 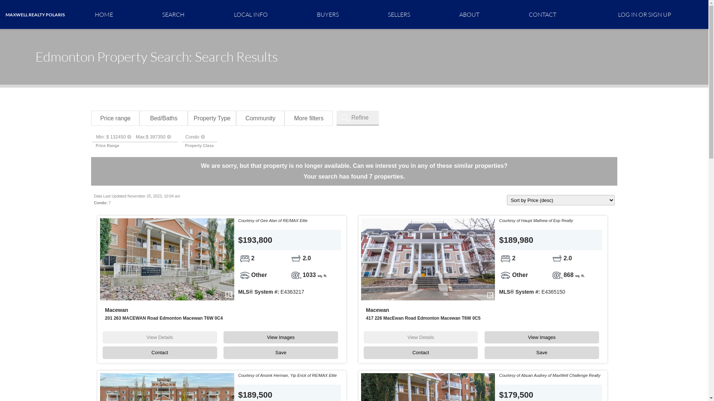 I want to click on 'HOME', so click(x=103, y=14).